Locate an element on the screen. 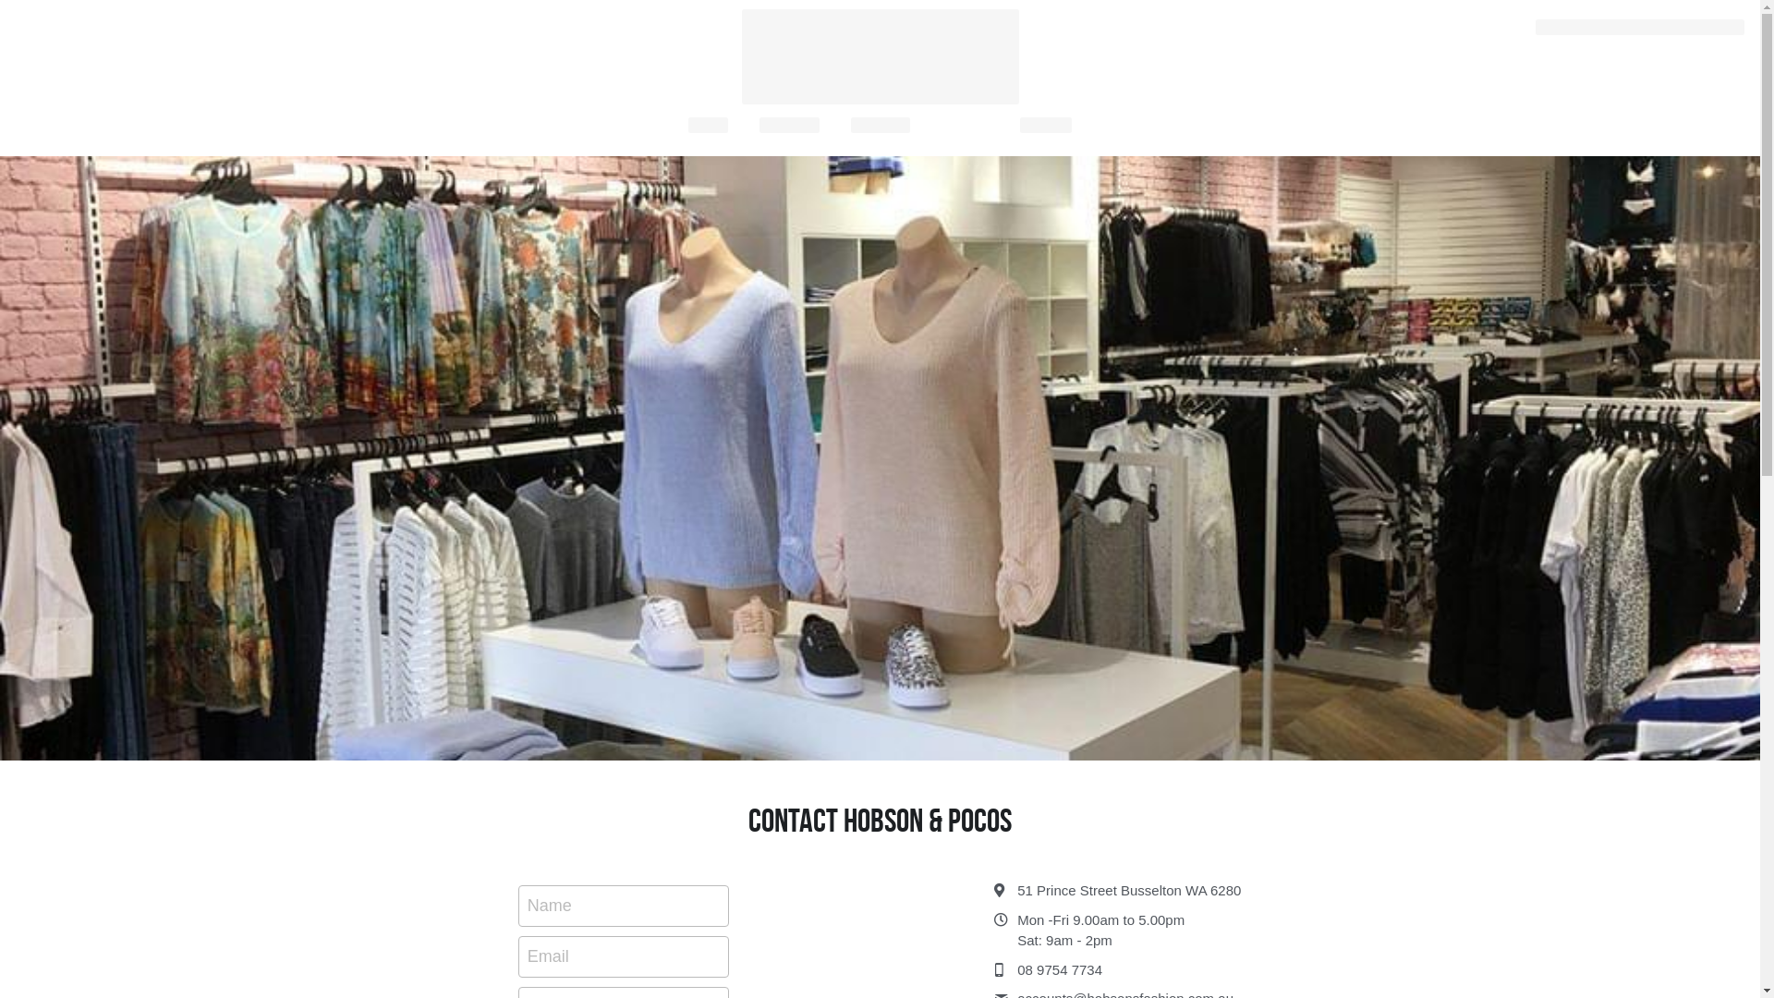 The height and width of the screenshot is (998, 1774). 'Home' is located at coordinates (707, 125).